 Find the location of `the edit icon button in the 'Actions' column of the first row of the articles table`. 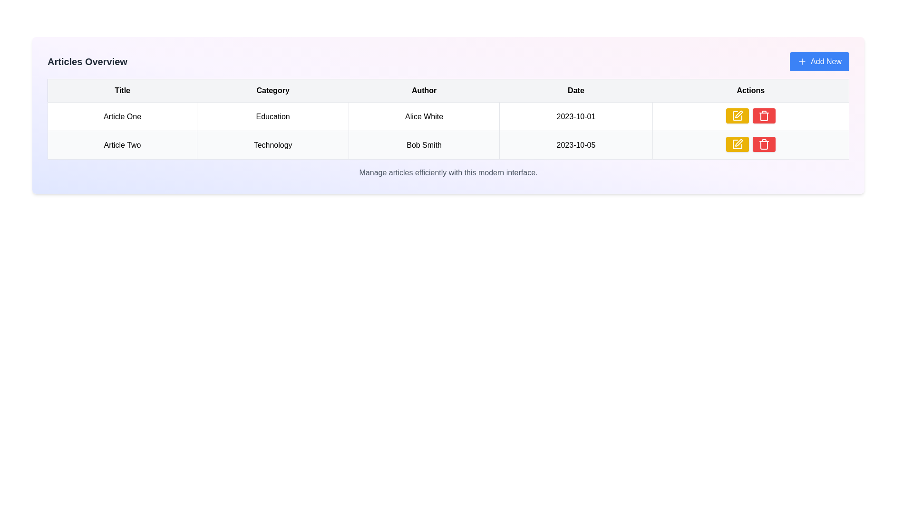

the edit icon button in the 'Actions' column of the first row of the articles table is located at coordinates (737, 144).